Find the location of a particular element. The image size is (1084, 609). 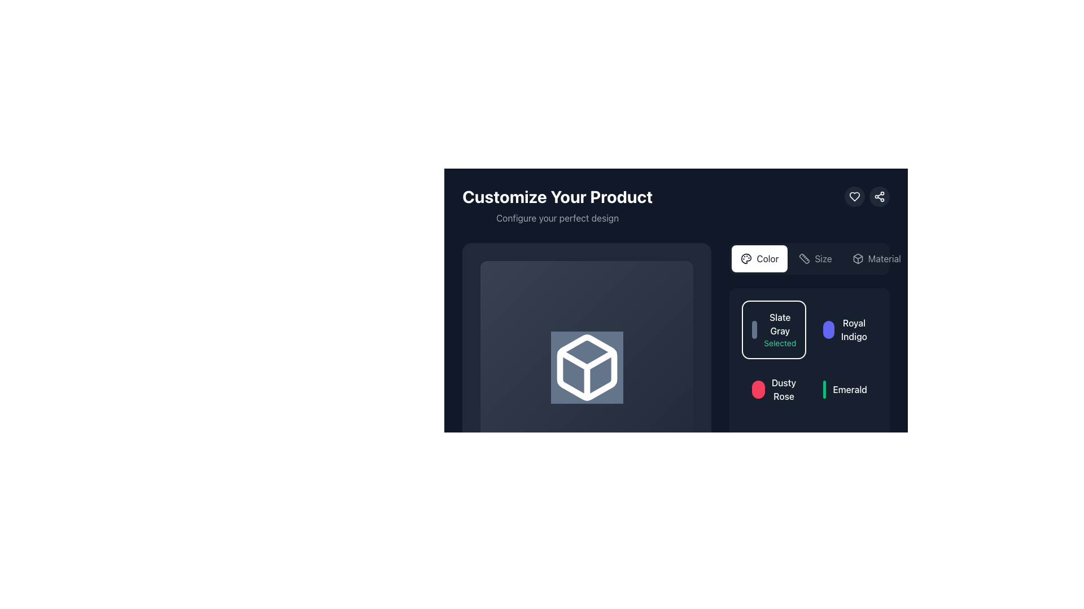

the Text label indicating the name of the selected color option, specifically the label 'Slate Gray Selected' is located at coordinates (779, 324).